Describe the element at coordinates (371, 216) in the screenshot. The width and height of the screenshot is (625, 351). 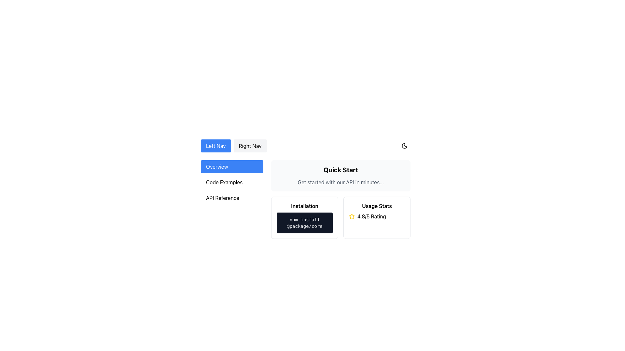
I see `text displayed in the rating score label located in the 'Usage Stats' section, positioned to the right of the yellow star icon` at that location.